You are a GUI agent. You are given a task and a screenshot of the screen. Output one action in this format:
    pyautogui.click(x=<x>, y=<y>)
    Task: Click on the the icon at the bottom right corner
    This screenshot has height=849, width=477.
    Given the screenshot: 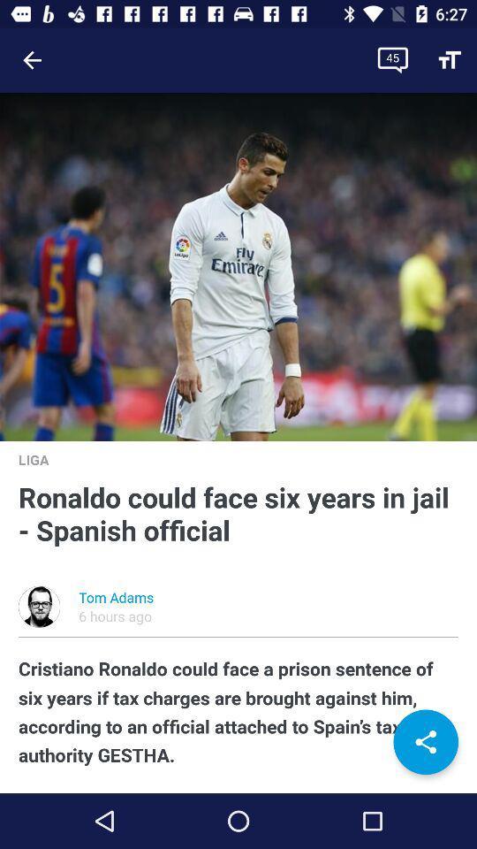 What is the action you would take?
    pyautogui.click(x=425, y=742)
    